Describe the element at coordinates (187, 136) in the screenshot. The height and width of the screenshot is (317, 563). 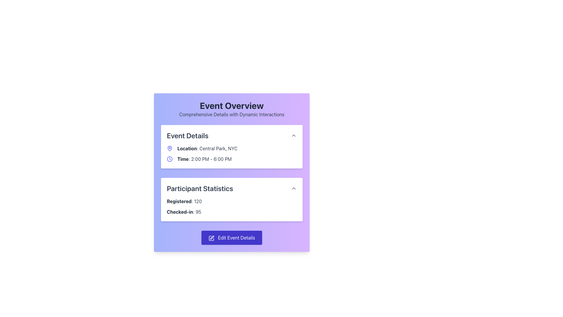
I see `the 'Event Details' text label, which is a large, bold, dark-gray font element positioned centrally above event information` at that location.